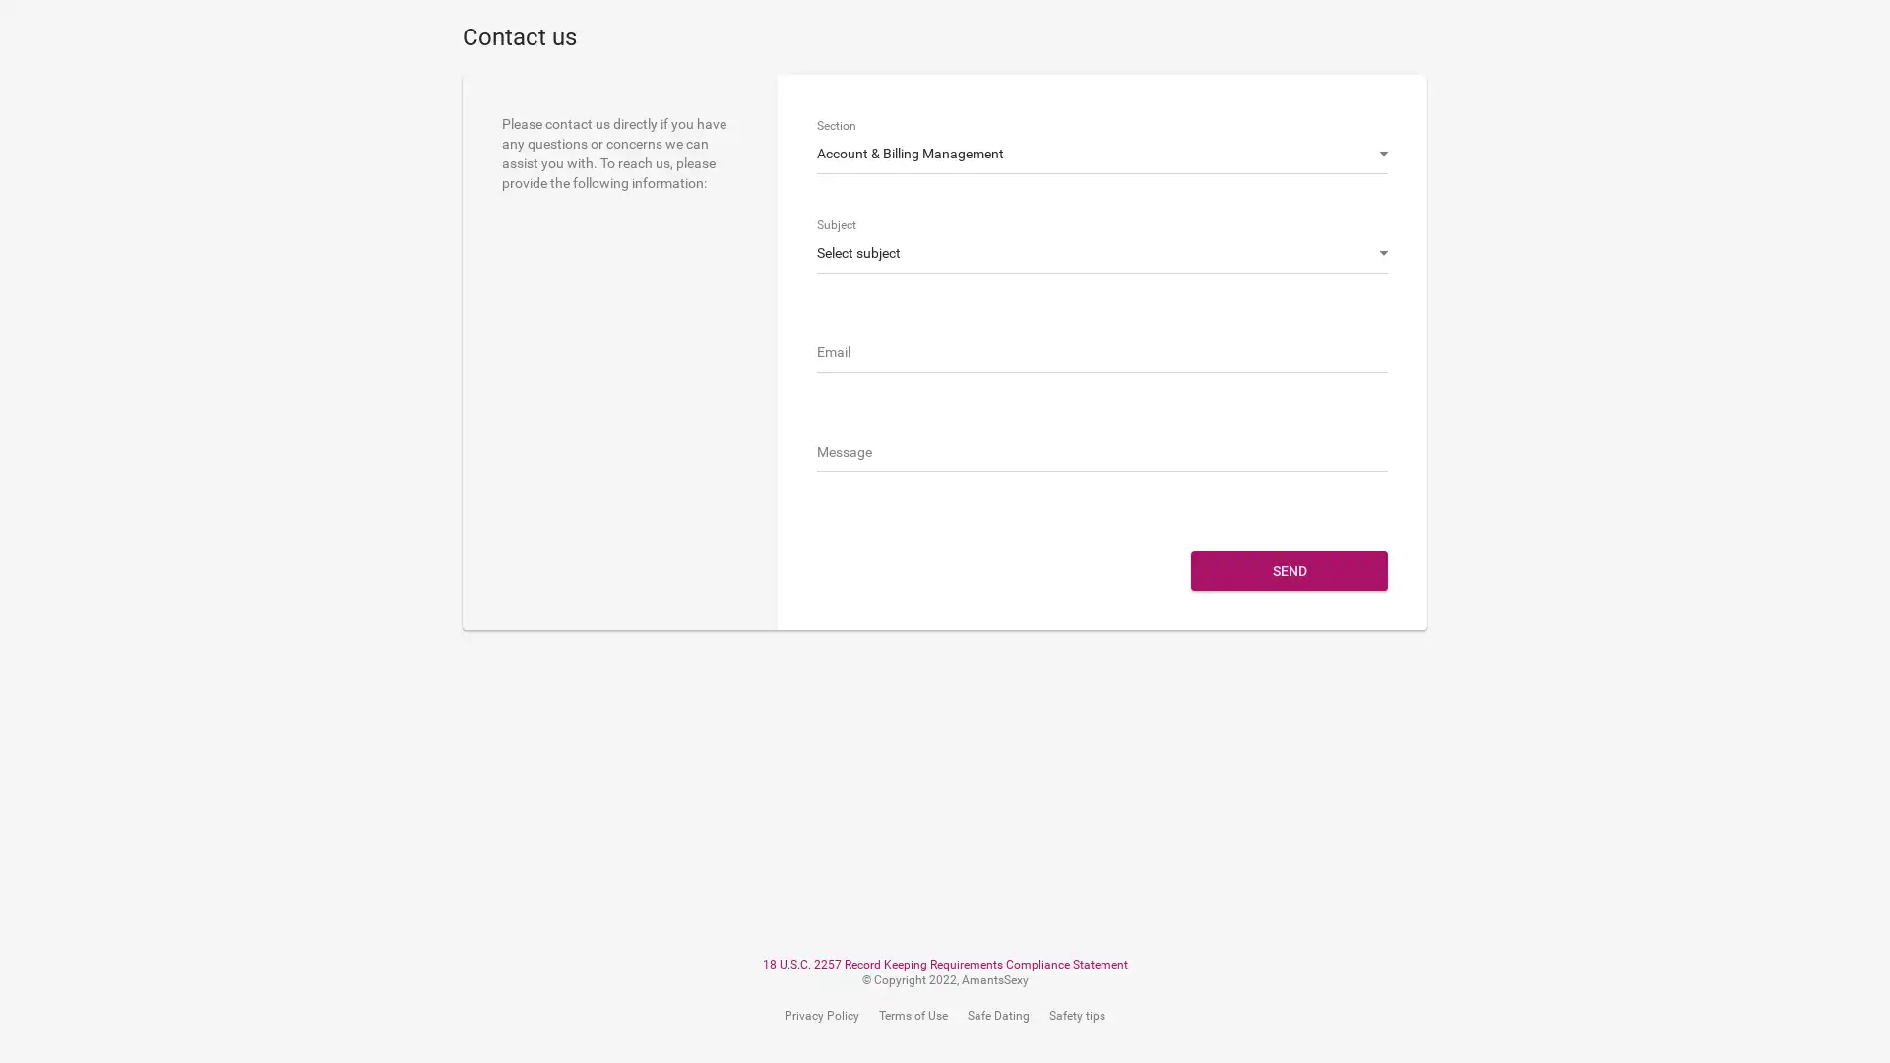 The width and height of the screenshot is (1890, 1063). What do you see at coordinates (1101, 152) in the screenshot?
I see `Account & Billing Management Account & Billing Management` at bounding box center [1101, 152].